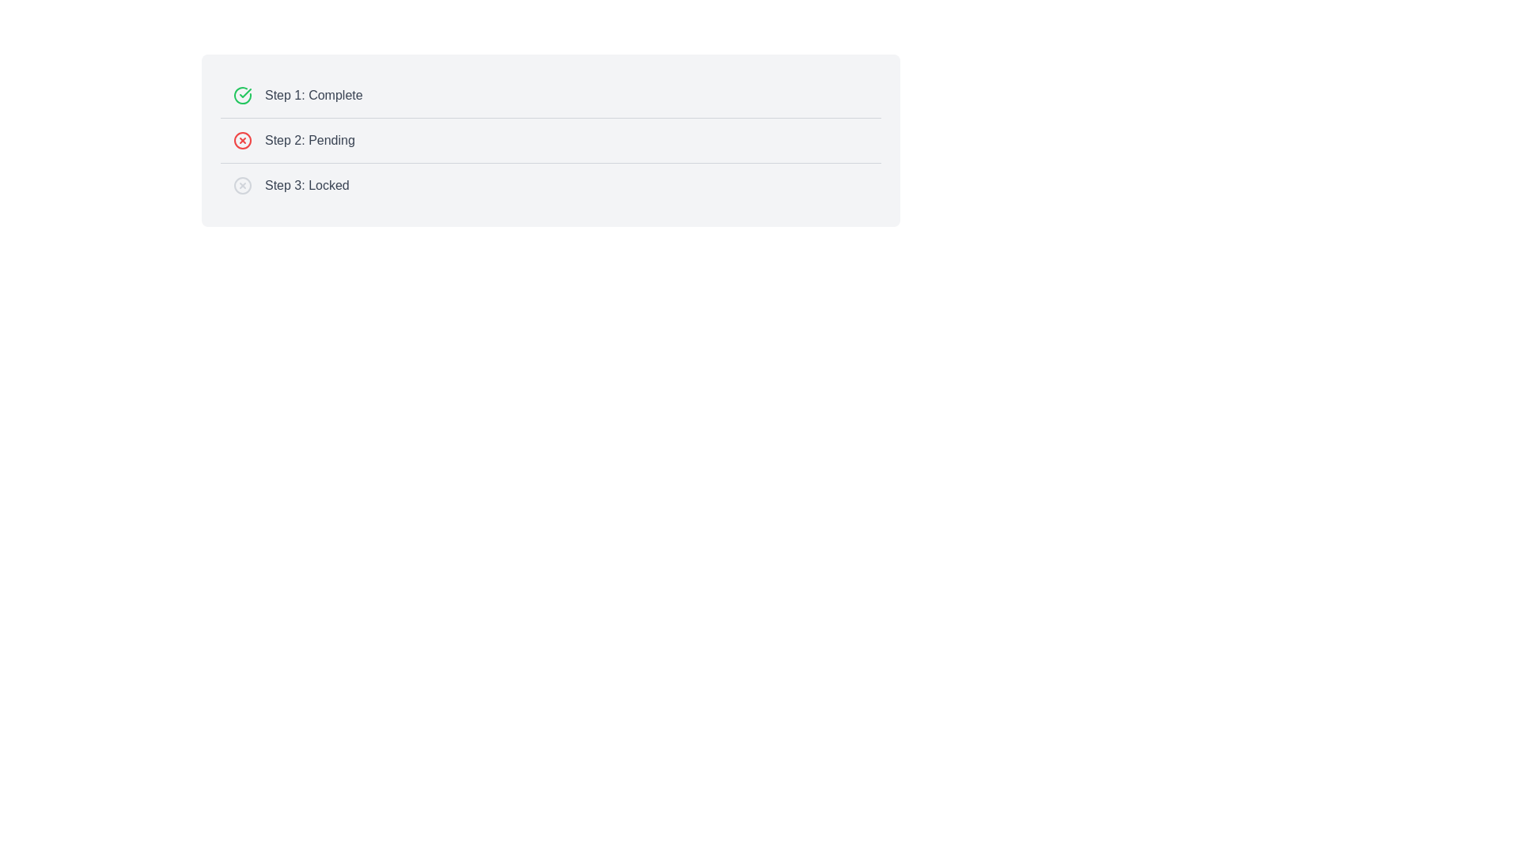 The height and width of the screenshot is (854, 1519). Describe the element at coordinates (313, 95) in the screenshot. I see `the text label that displays 'Step 1: Complete', which is styled in gray and positioned to the right of a green check mark icon in the multi-step progress list` at that location.